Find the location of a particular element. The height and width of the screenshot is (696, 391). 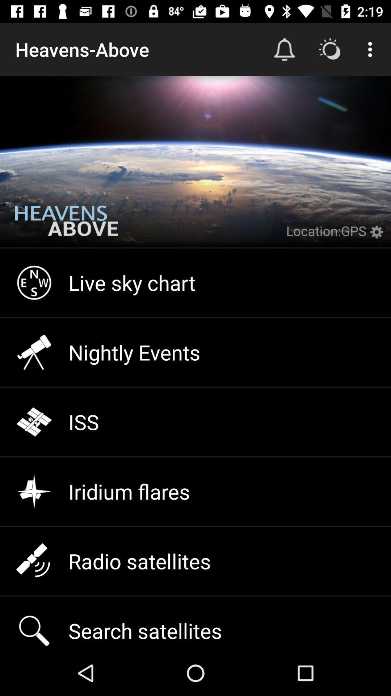

the icon above live sky chart item is located at coordinates (67, 226).